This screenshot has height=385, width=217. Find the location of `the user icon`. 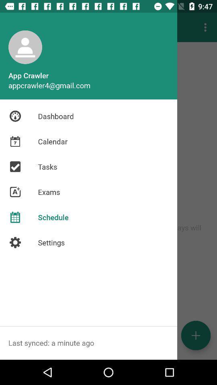

the user icon is located at coordinates (25, 47).